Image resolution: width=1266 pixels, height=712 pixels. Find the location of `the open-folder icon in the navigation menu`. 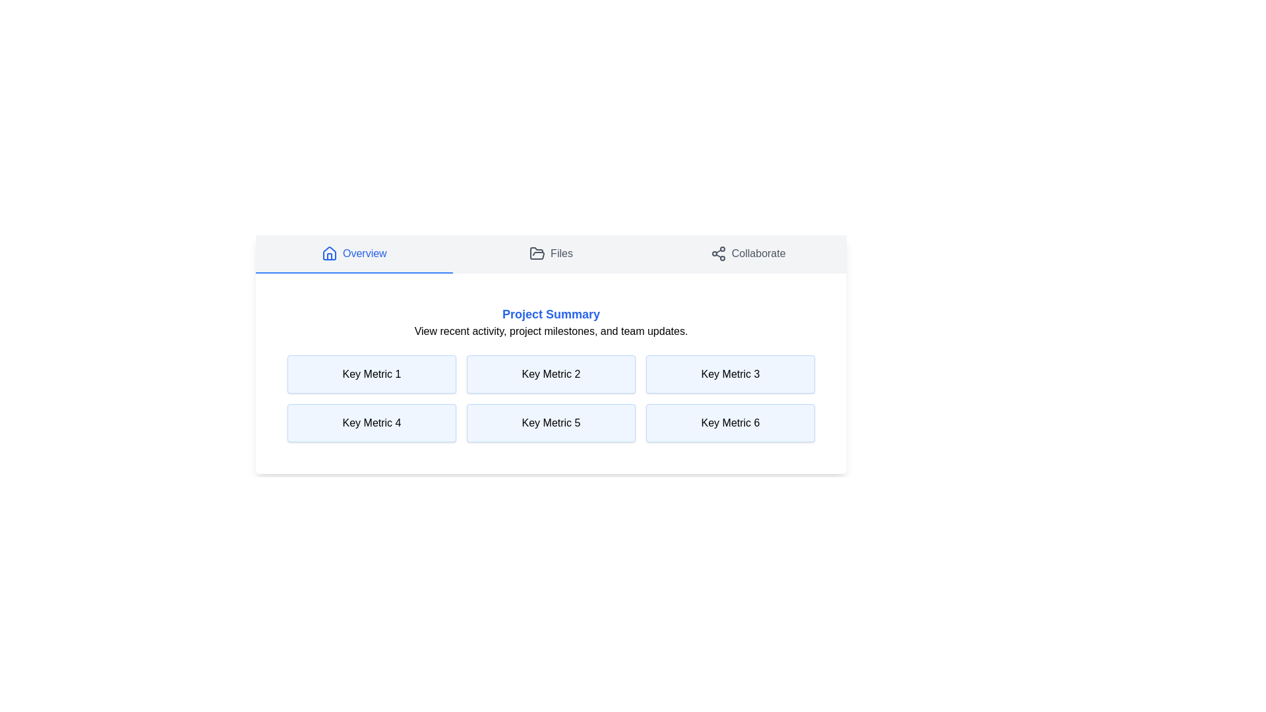

the open-folder icon in the navigation menu is located at coordinates (537, 254).